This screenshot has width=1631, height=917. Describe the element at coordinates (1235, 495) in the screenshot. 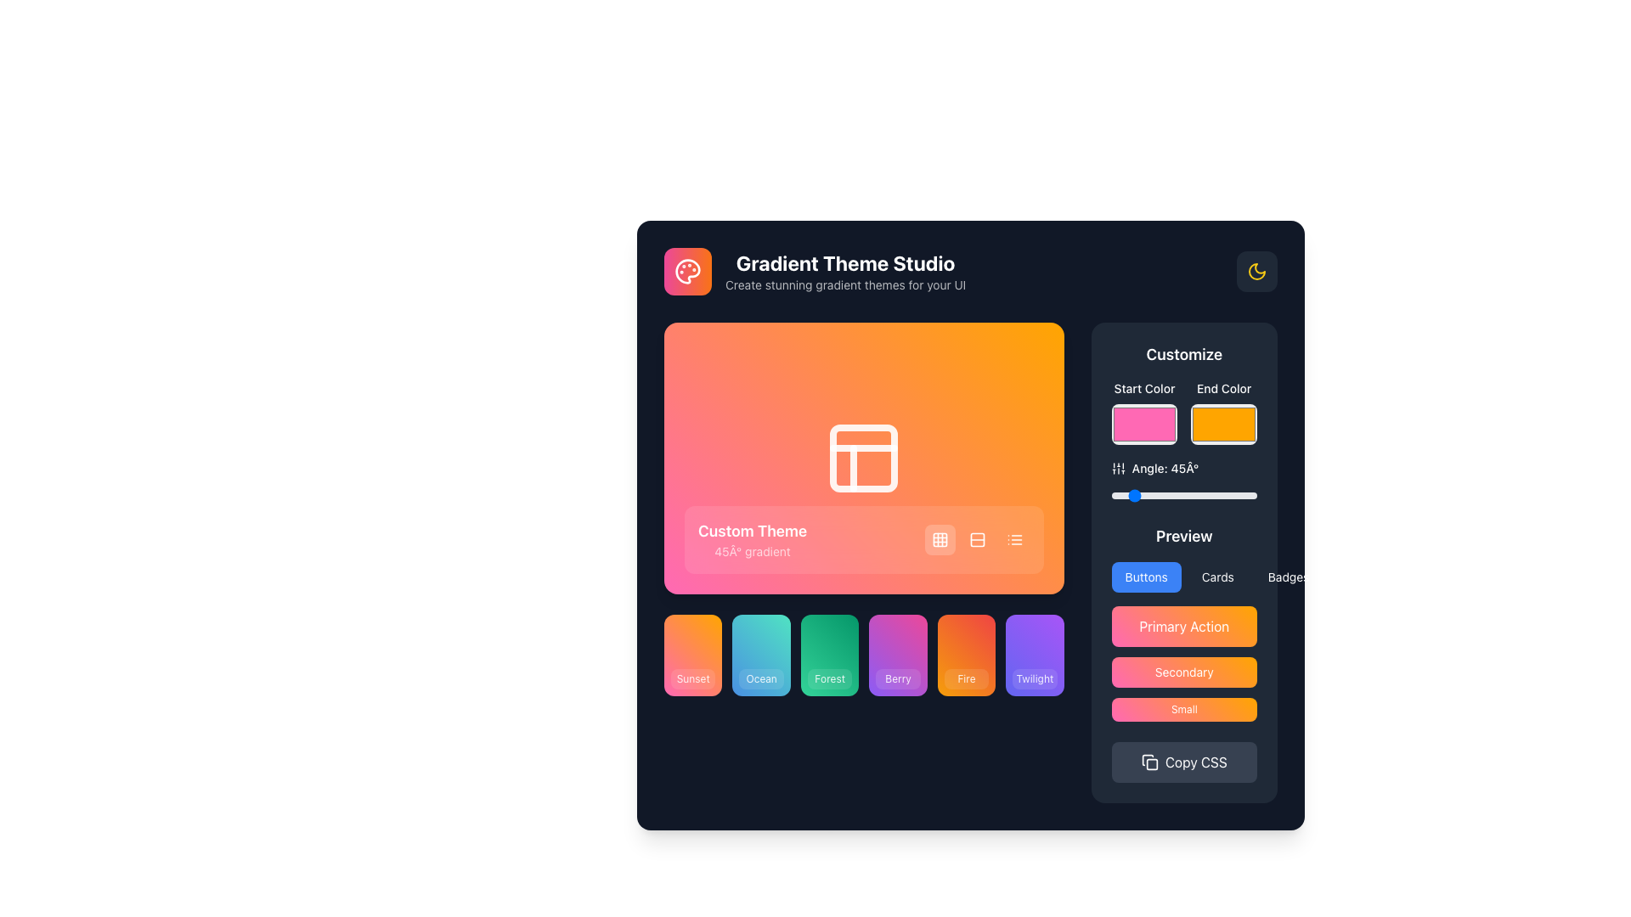

I see `angle` at that location.